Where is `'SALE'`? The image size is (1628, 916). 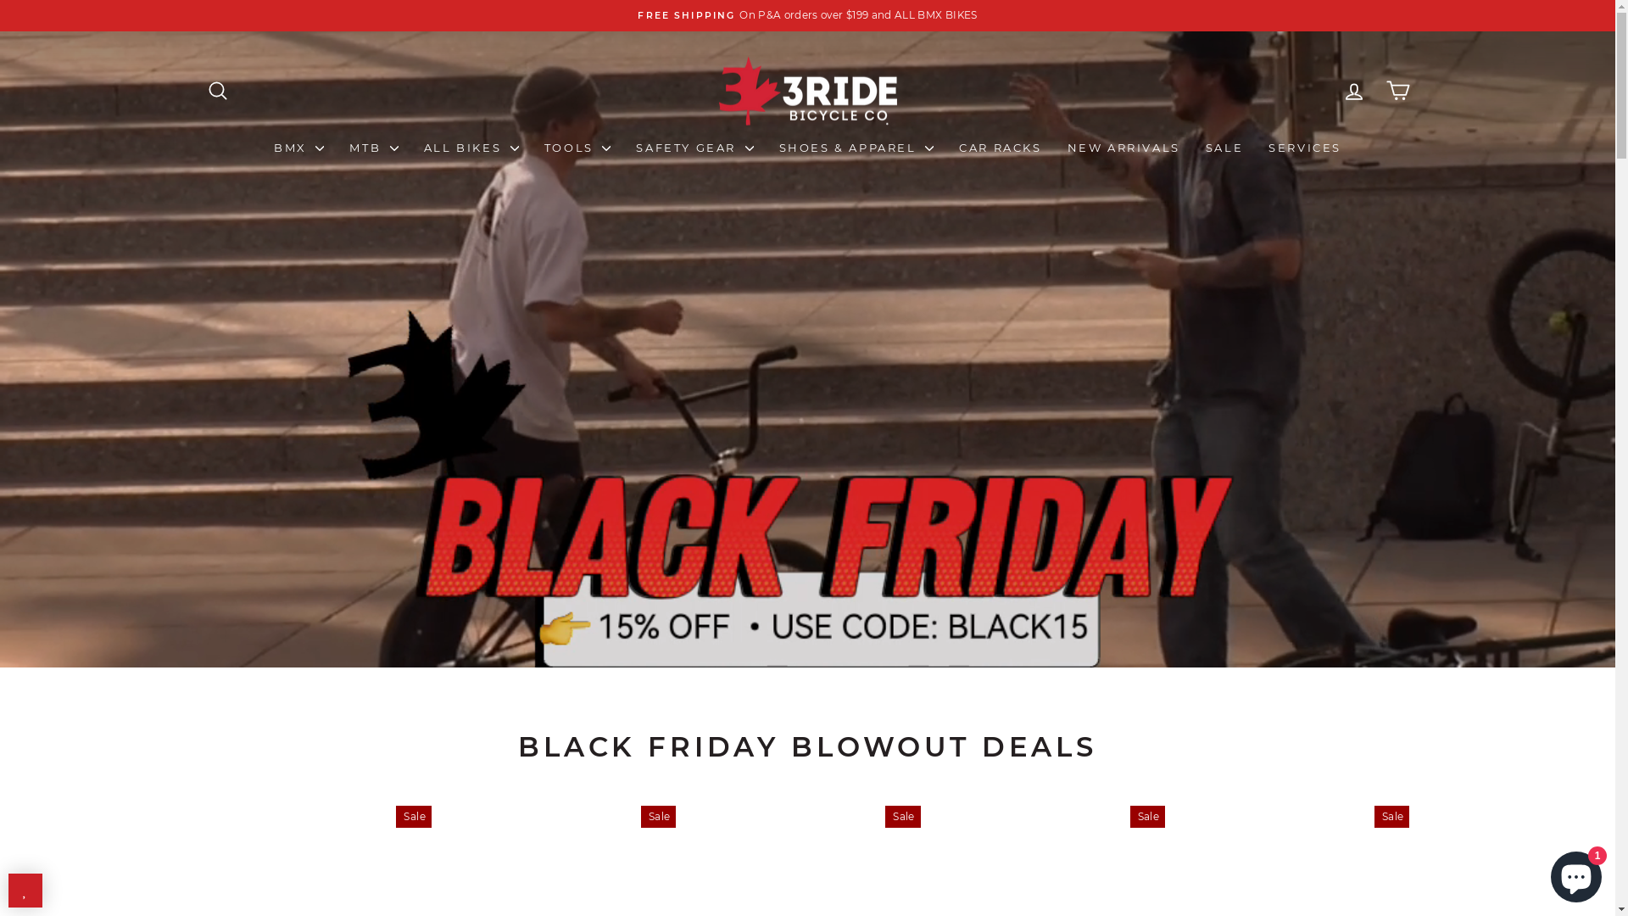
'SALE' is located at coordinates (1191, 146).